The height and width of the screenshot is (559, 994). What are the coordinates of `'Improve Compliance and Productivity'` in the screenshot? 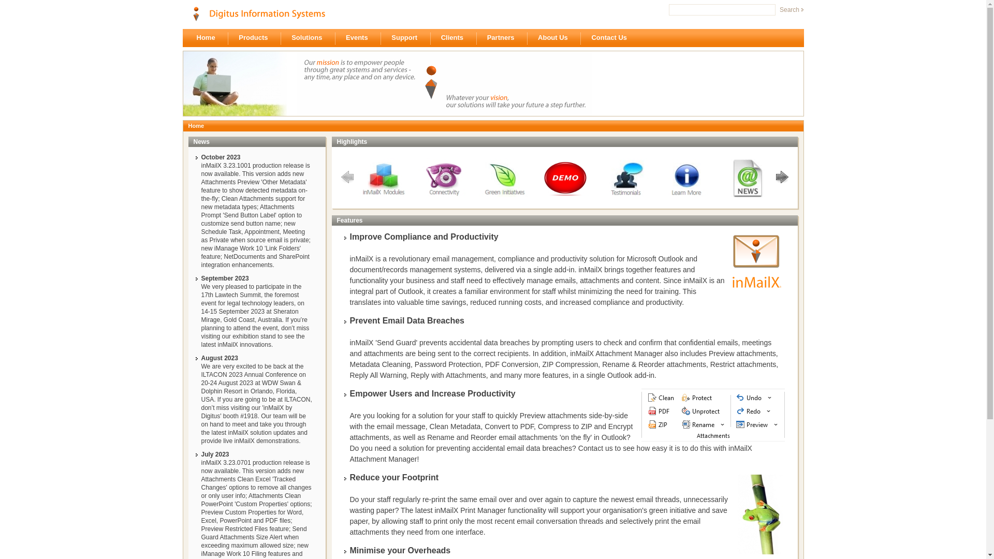 It's located at (424, 237).